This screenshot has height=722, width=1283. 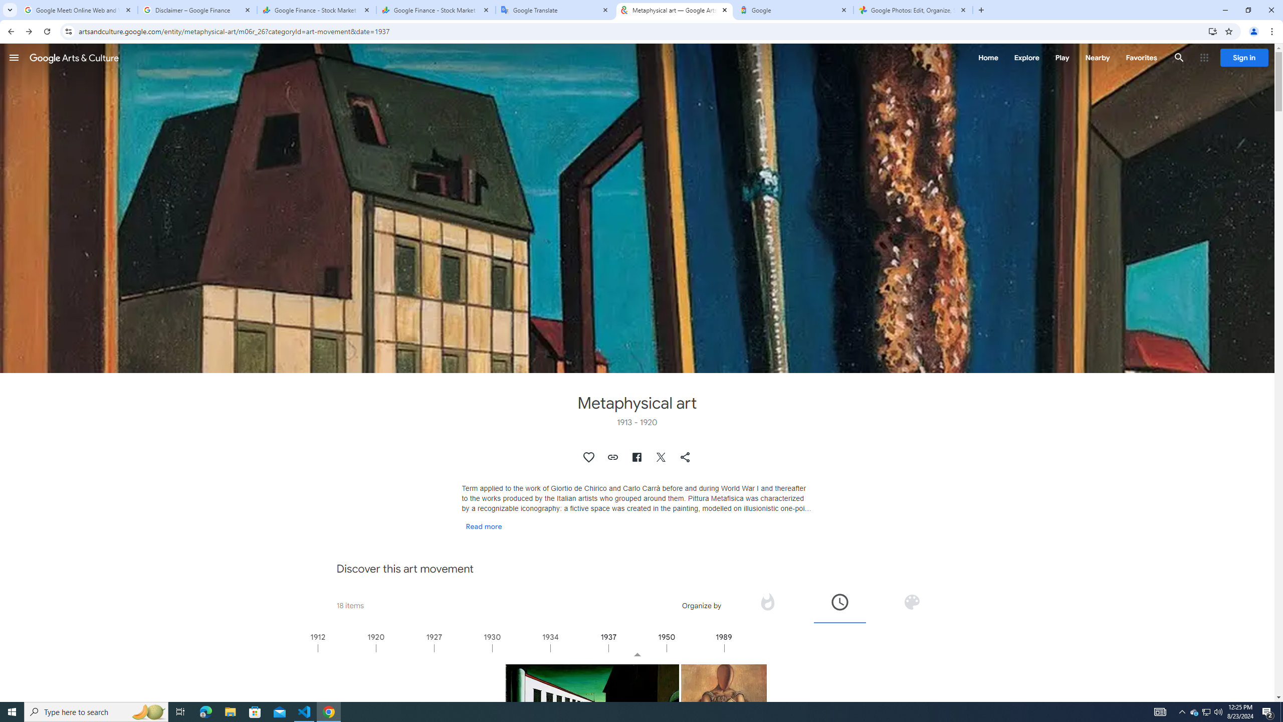 What do you see at coordinates (685, 457) in the screenshot?
I see `'Share "Metaphysical art"'` at bounding box center [685, 457].